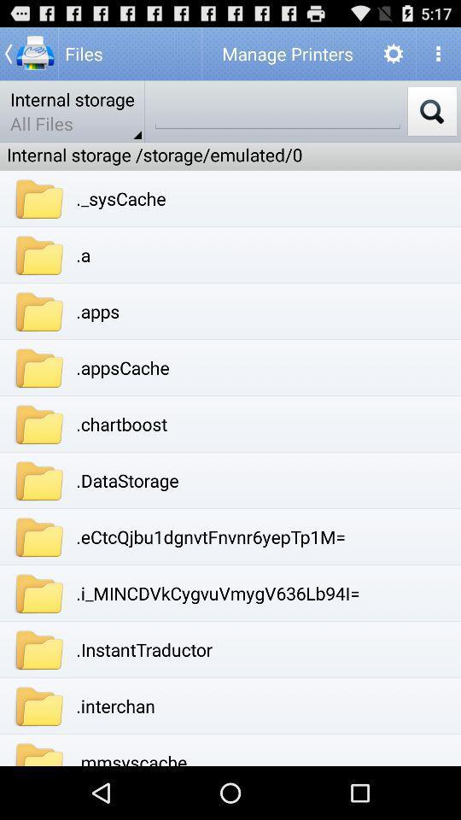 The height and width of the screenshot is (820, 461). I want to click on file name, so click(277, 110).